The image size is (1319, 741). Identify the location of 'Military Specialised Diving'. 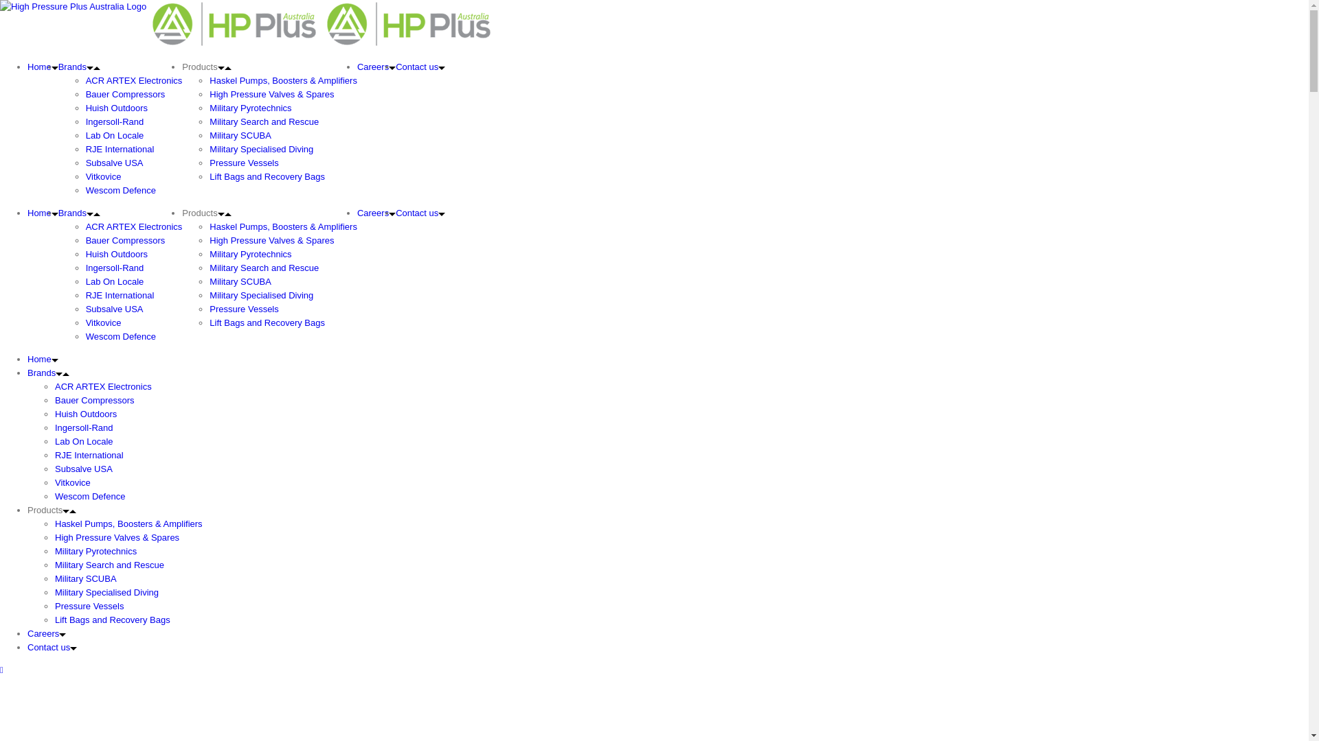
(209, 149).